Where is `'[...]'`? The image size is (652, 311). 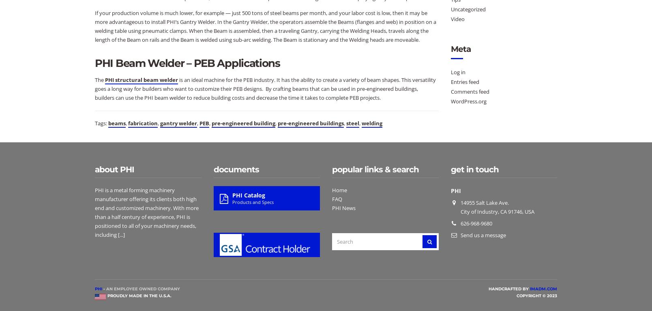 '[...]' is located at coordinates (121, 234).